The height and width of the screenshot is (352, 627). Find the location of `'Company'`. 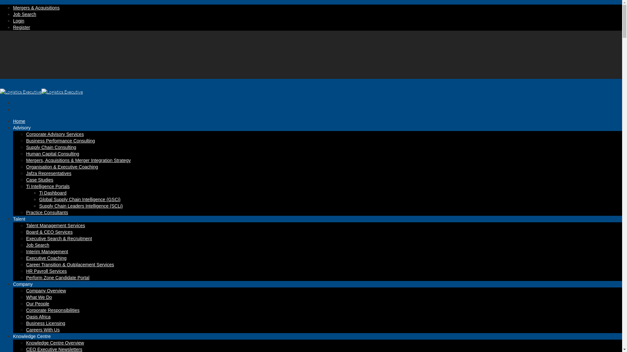

'Company' is located at coordinates (23, 289).